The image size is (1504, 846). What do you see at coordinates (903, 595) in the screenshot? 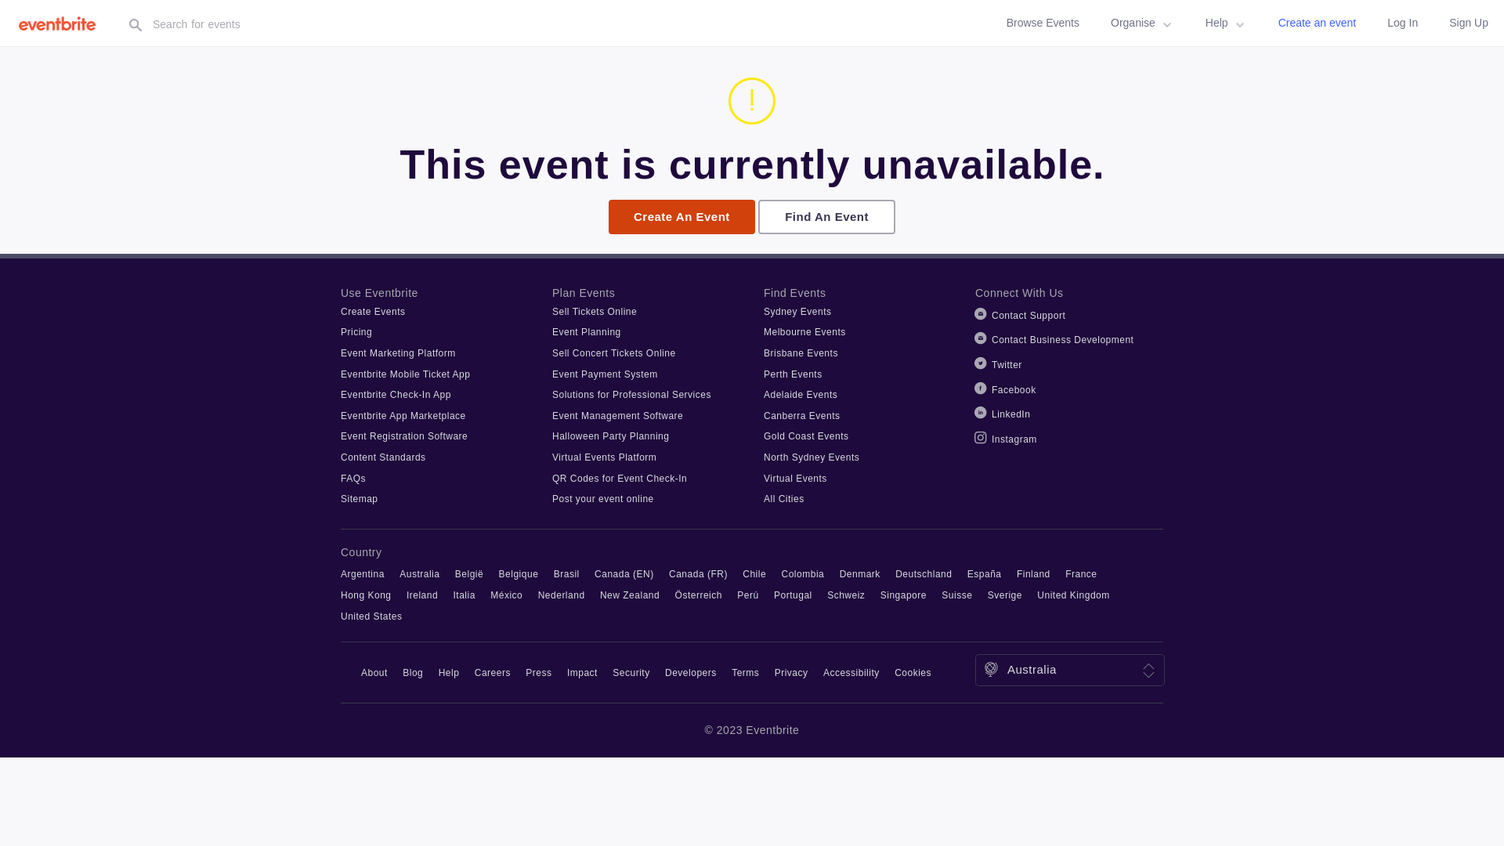
I see `'Singapore'` at bounding box center [903, 595].